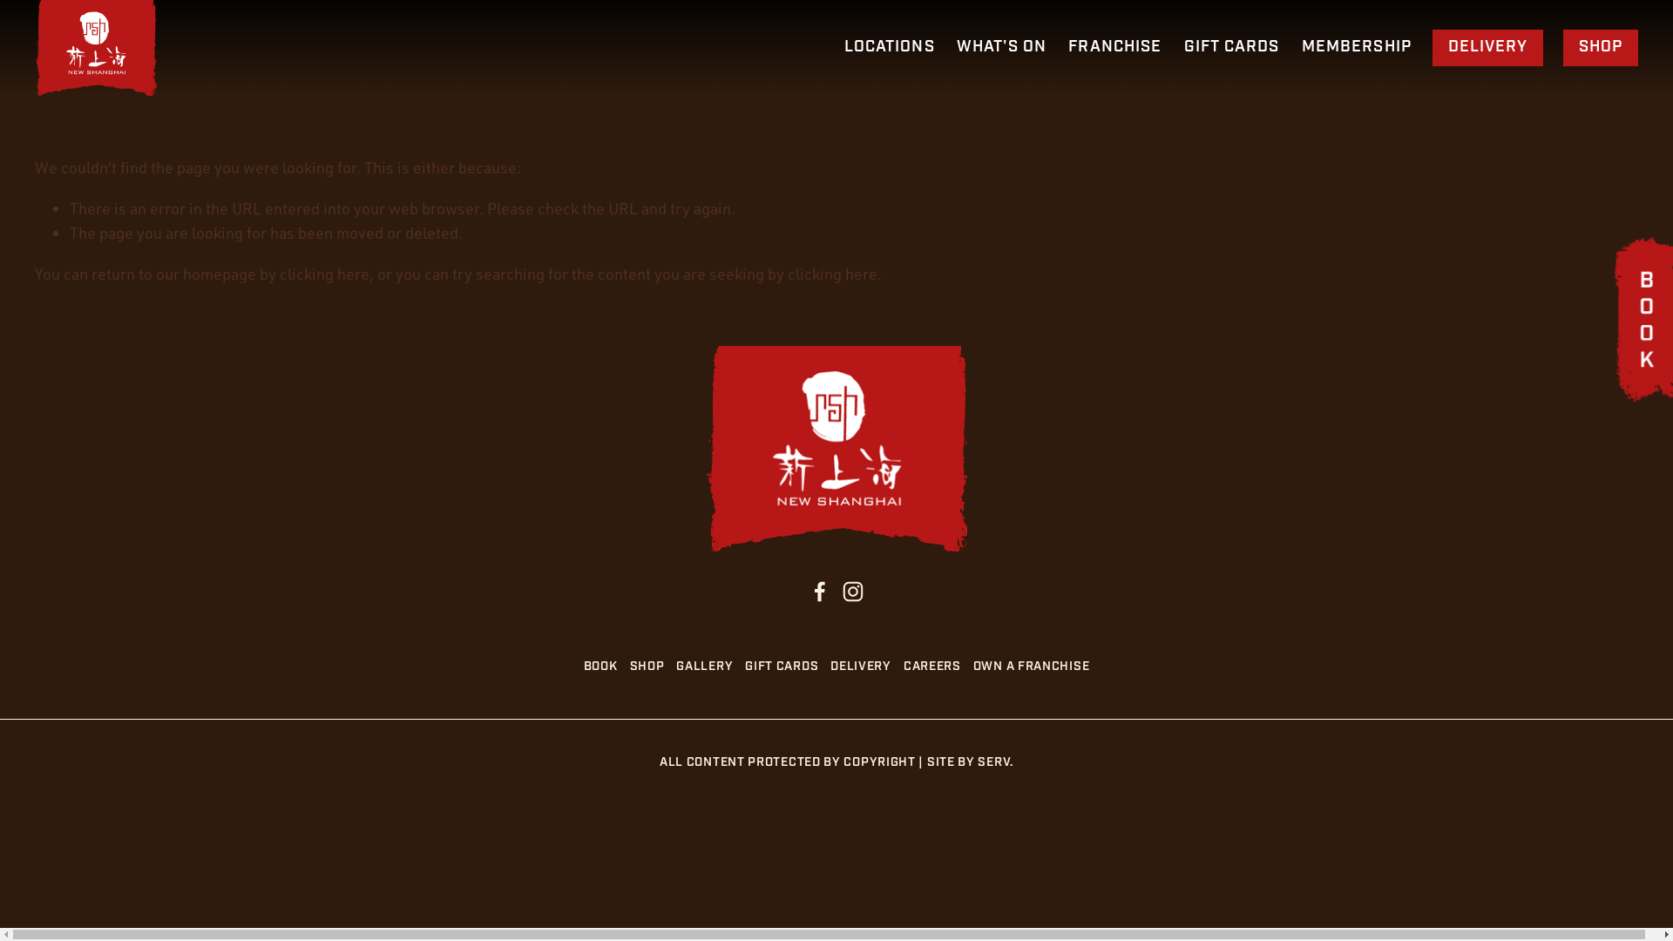  What do you see at coordinates (969, 762) in the screenshot?
I see `'SITE BY SERV.'` at bounding box center [969, 762].